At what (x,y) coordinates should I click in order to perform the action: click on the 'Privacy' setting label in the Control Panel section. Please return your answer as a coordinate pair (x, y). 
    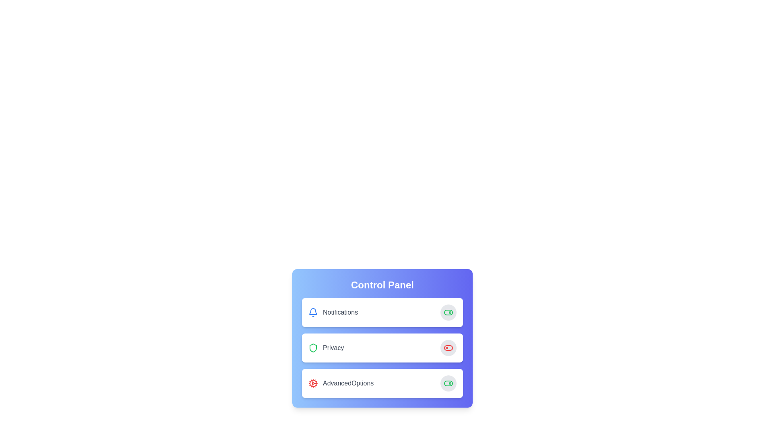
    Looking at the image, I should click on (326, 348).